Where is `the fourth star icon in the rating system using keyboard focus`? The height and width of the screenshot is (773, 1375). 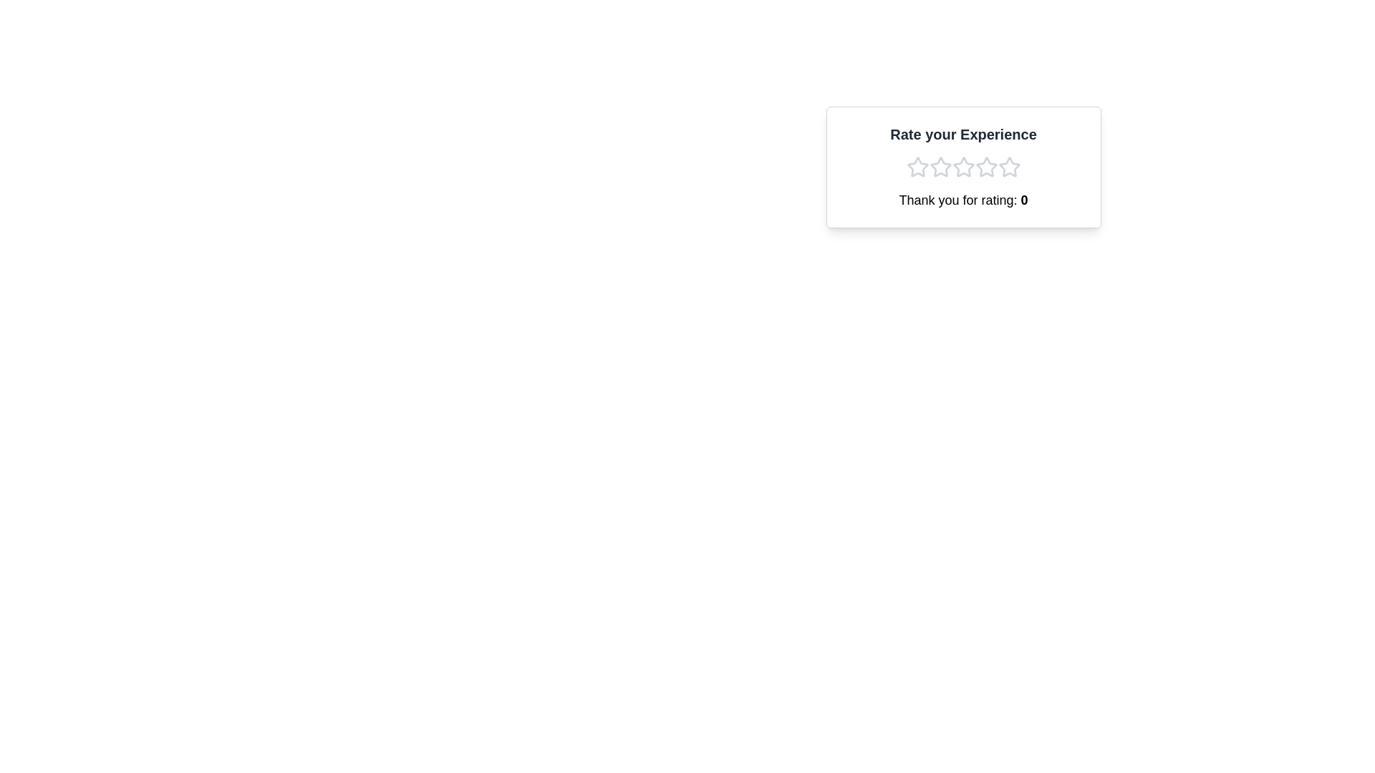
the fourth star icon in the rating system using keyboard focus is located at coordinates (985, 167).